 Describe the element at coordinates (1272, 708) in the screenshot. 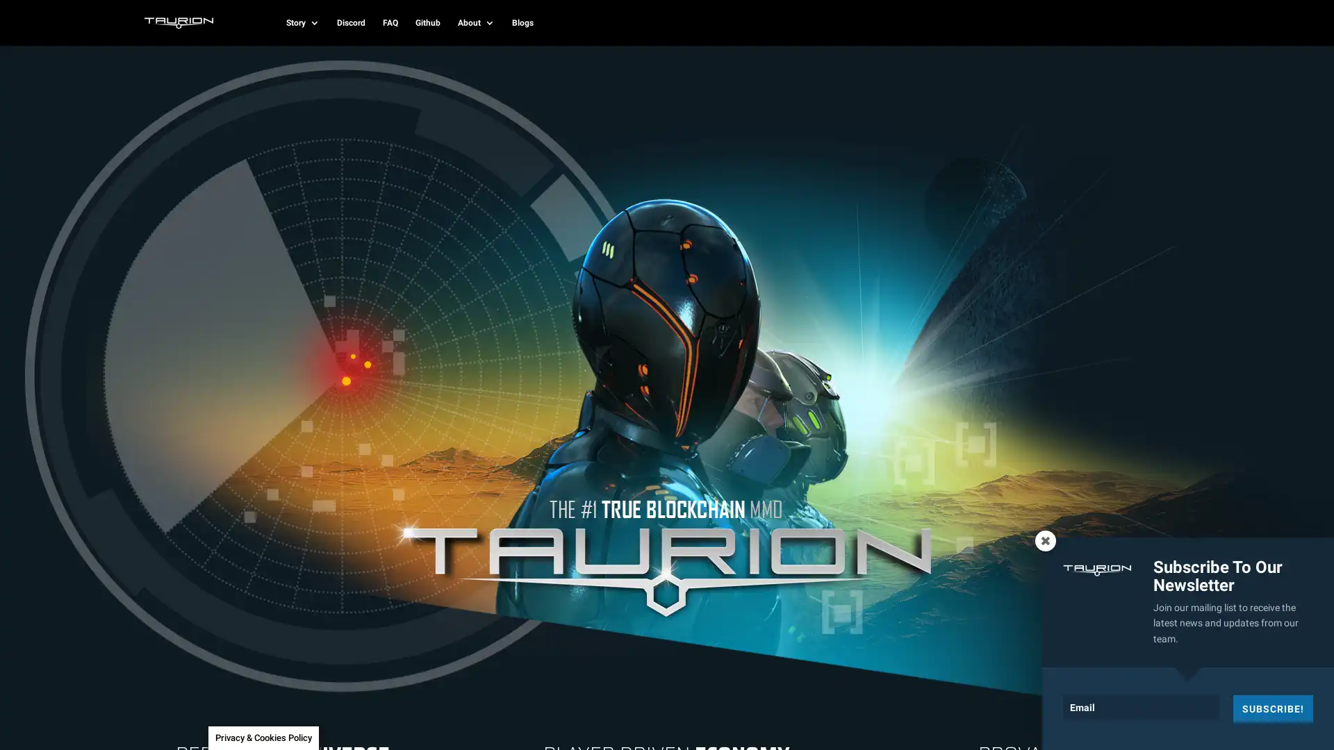

I see `SUBSCRIBE!` at that location.